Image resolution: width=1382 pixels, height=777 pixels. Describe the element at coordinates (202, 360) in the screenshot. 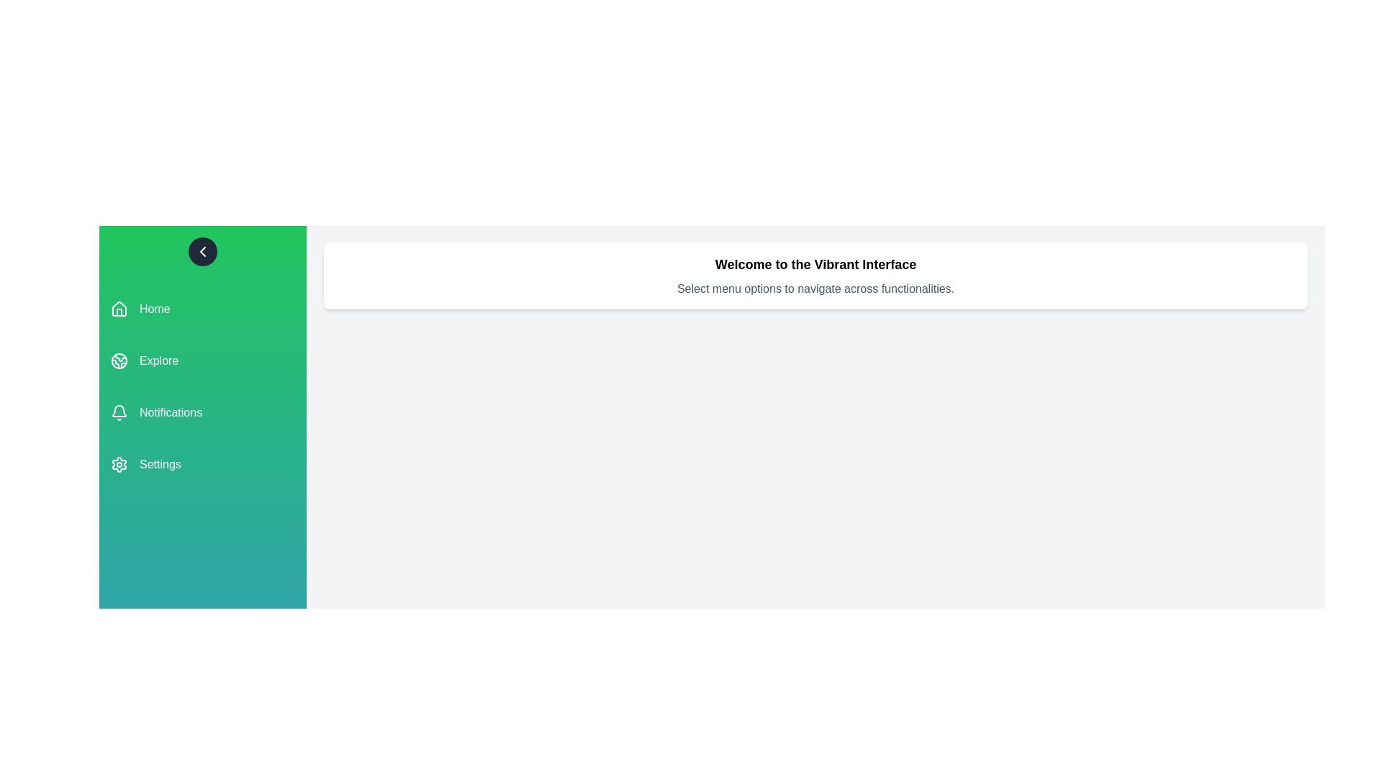

I see `the menu item Explore to view its hover effect` at that location.